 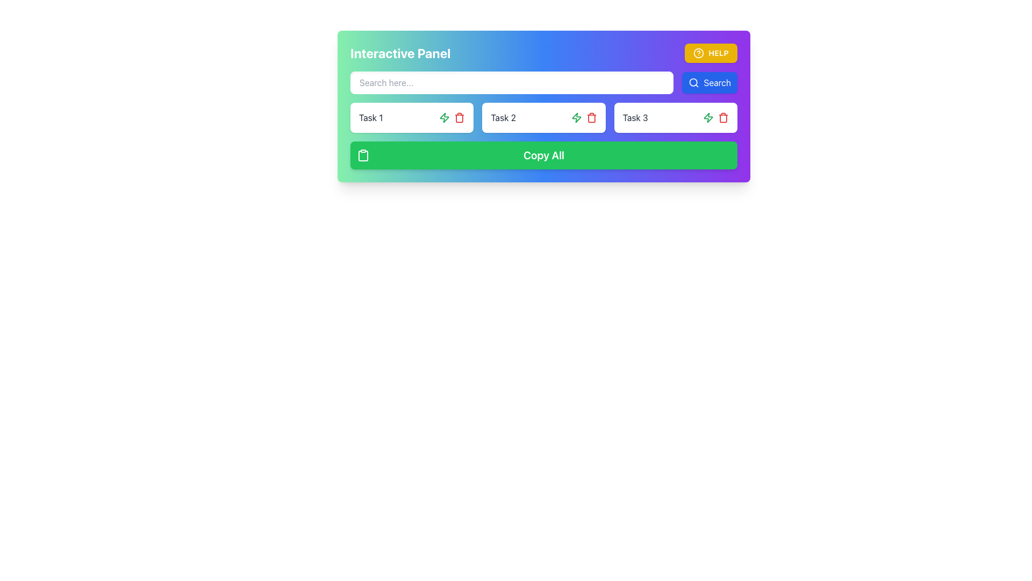 What do you see at coordinates (717, 82) in the screenshot?
I see `the 'Search' text button located in the top-right section of the panel` at bounding box center [717, 82].